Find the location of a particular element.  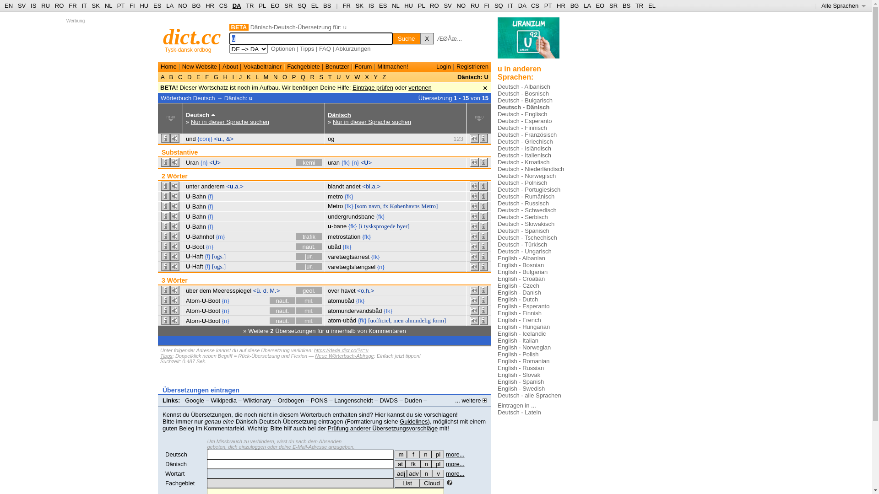

'Q' is located at coordinates (303, 76).